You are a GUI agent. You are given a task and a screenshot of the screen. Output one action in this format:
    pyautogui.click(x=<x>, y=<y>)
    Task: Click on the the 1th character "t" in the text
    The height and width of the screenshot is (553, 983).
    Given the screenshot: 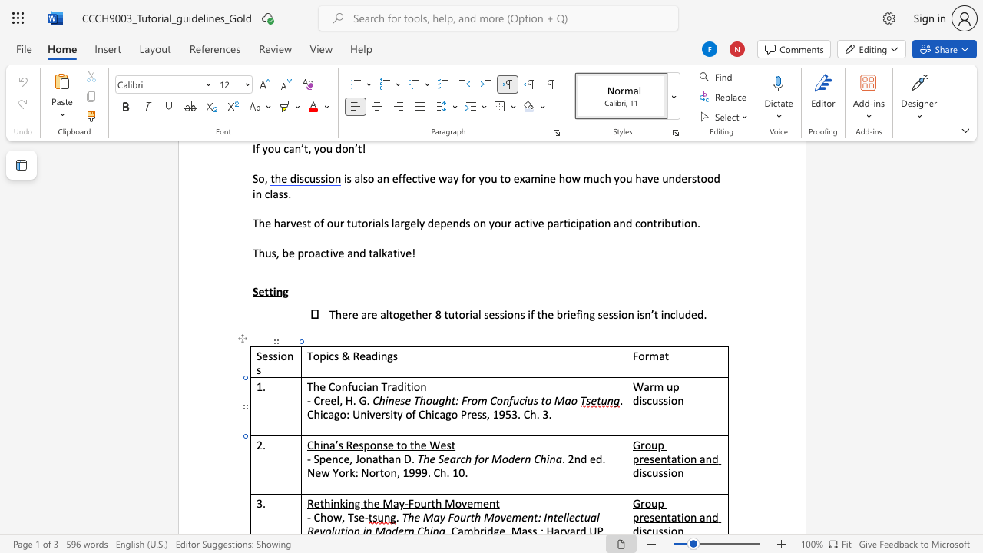 What is the action you would take?
    pyautogui.click(x=409, y=386)
    